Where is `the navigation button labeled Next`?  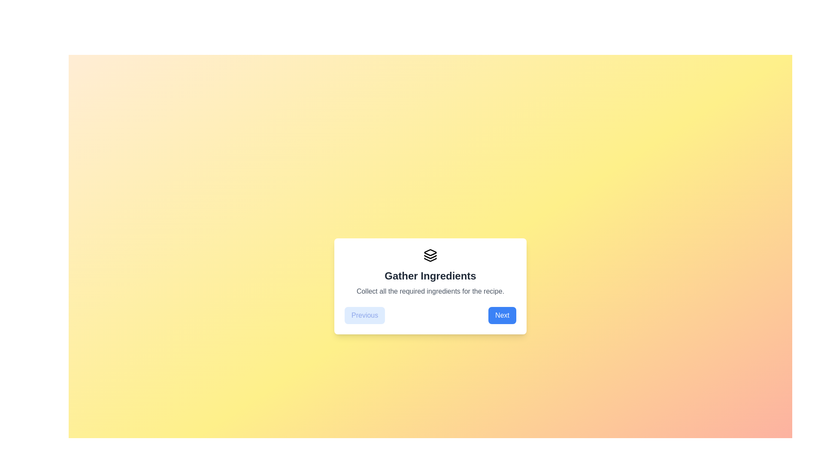
the navigation button labeled Next is located at coordinates (502, 316).